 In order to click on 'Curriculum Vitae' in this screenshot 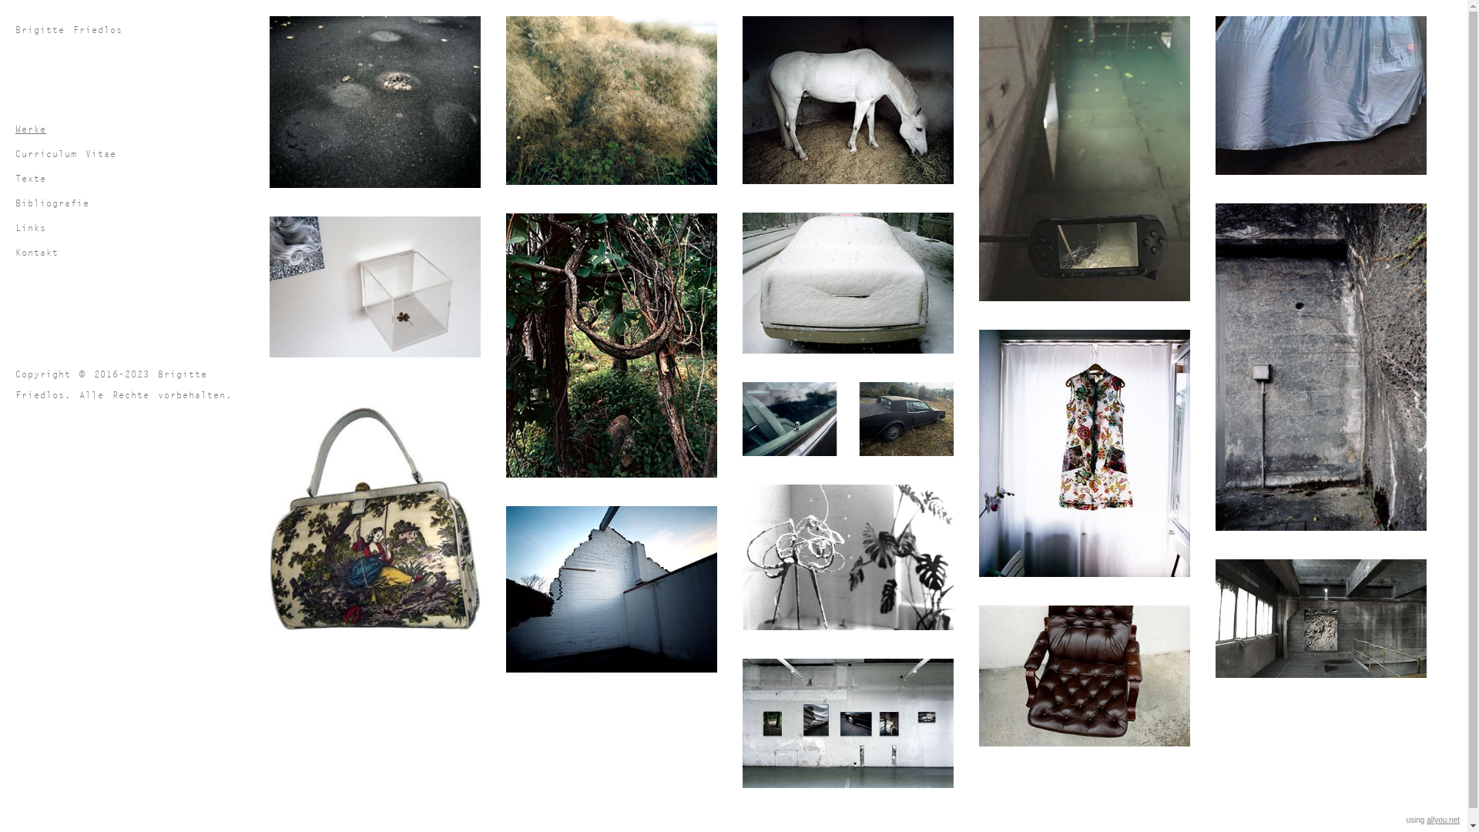, I will do `click(15, 153)`.